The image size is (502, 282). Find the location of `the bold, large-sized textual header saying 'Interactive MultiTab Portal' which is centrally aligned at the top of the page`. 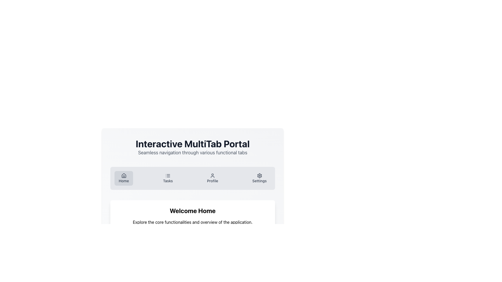

the bold, large-sized textual header saying 'Interactive MultiTab Portal' which is centrally aligned at the top of the page is located at coordinates (192, 144).